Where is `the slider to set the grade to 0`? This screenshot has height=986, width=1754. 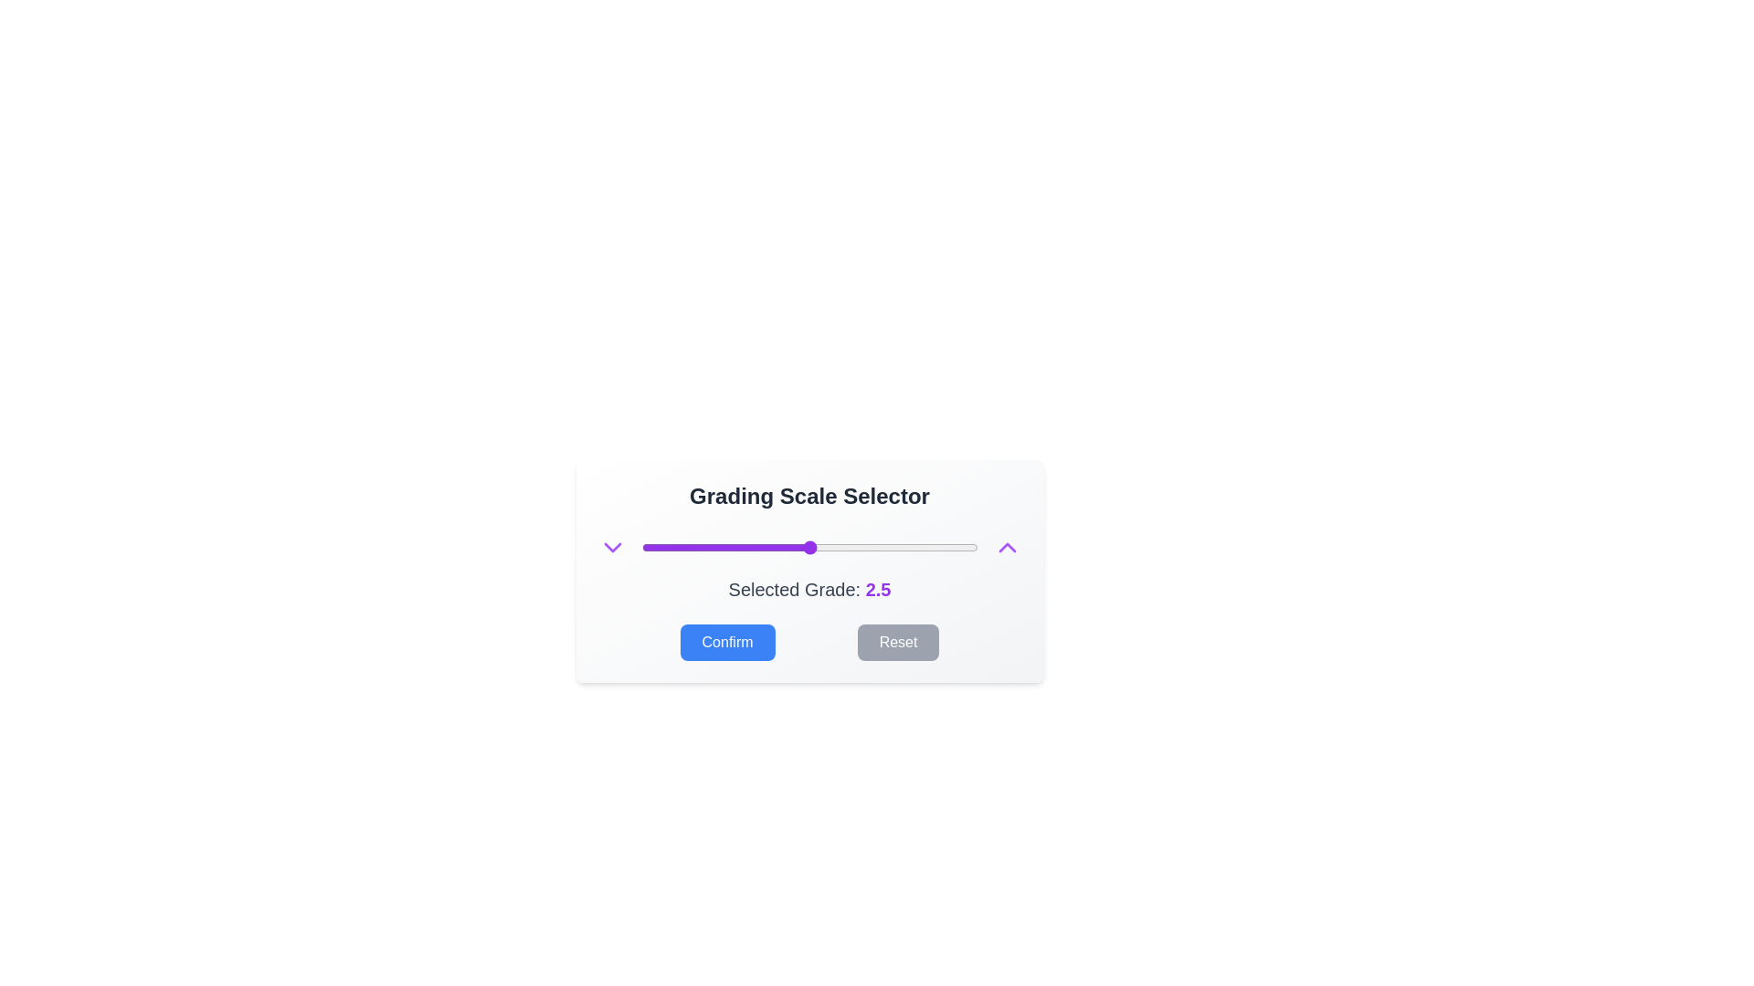
the slider to set the grade to 0 is located at coordinates (641, 547).